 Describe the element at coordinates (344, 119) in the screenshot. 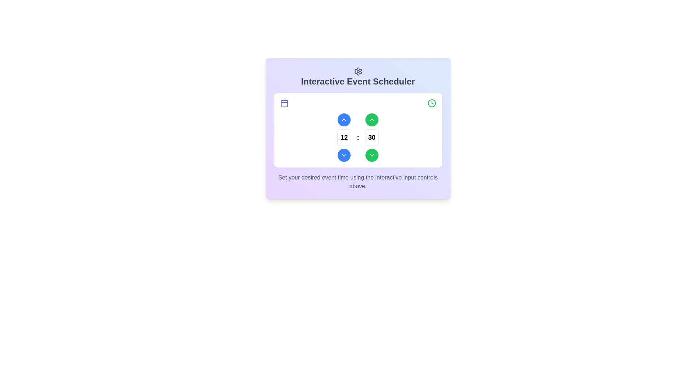

I see `the clickable chevron button that increments the time value in the hour input field for visual feedback` at that location.